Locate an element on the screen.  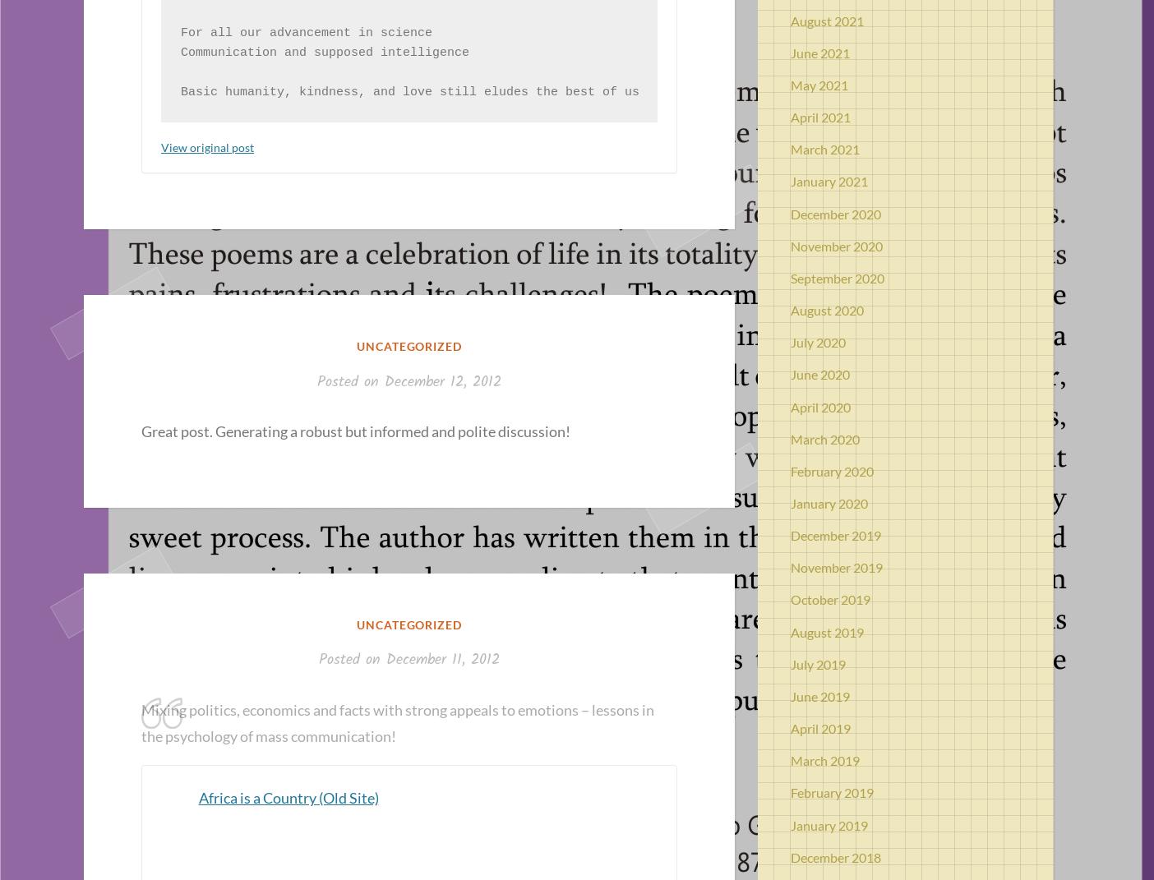
'April 2019' is located at coordinates (820, 728).